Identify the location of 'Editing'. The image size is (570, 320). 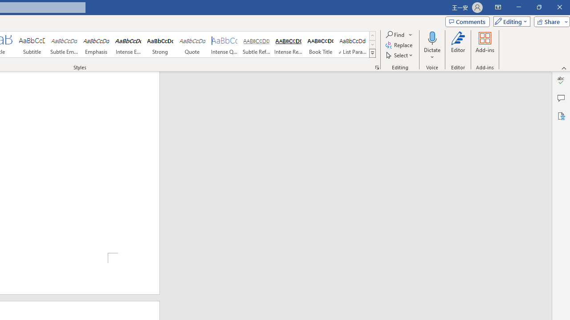
(509, 21).